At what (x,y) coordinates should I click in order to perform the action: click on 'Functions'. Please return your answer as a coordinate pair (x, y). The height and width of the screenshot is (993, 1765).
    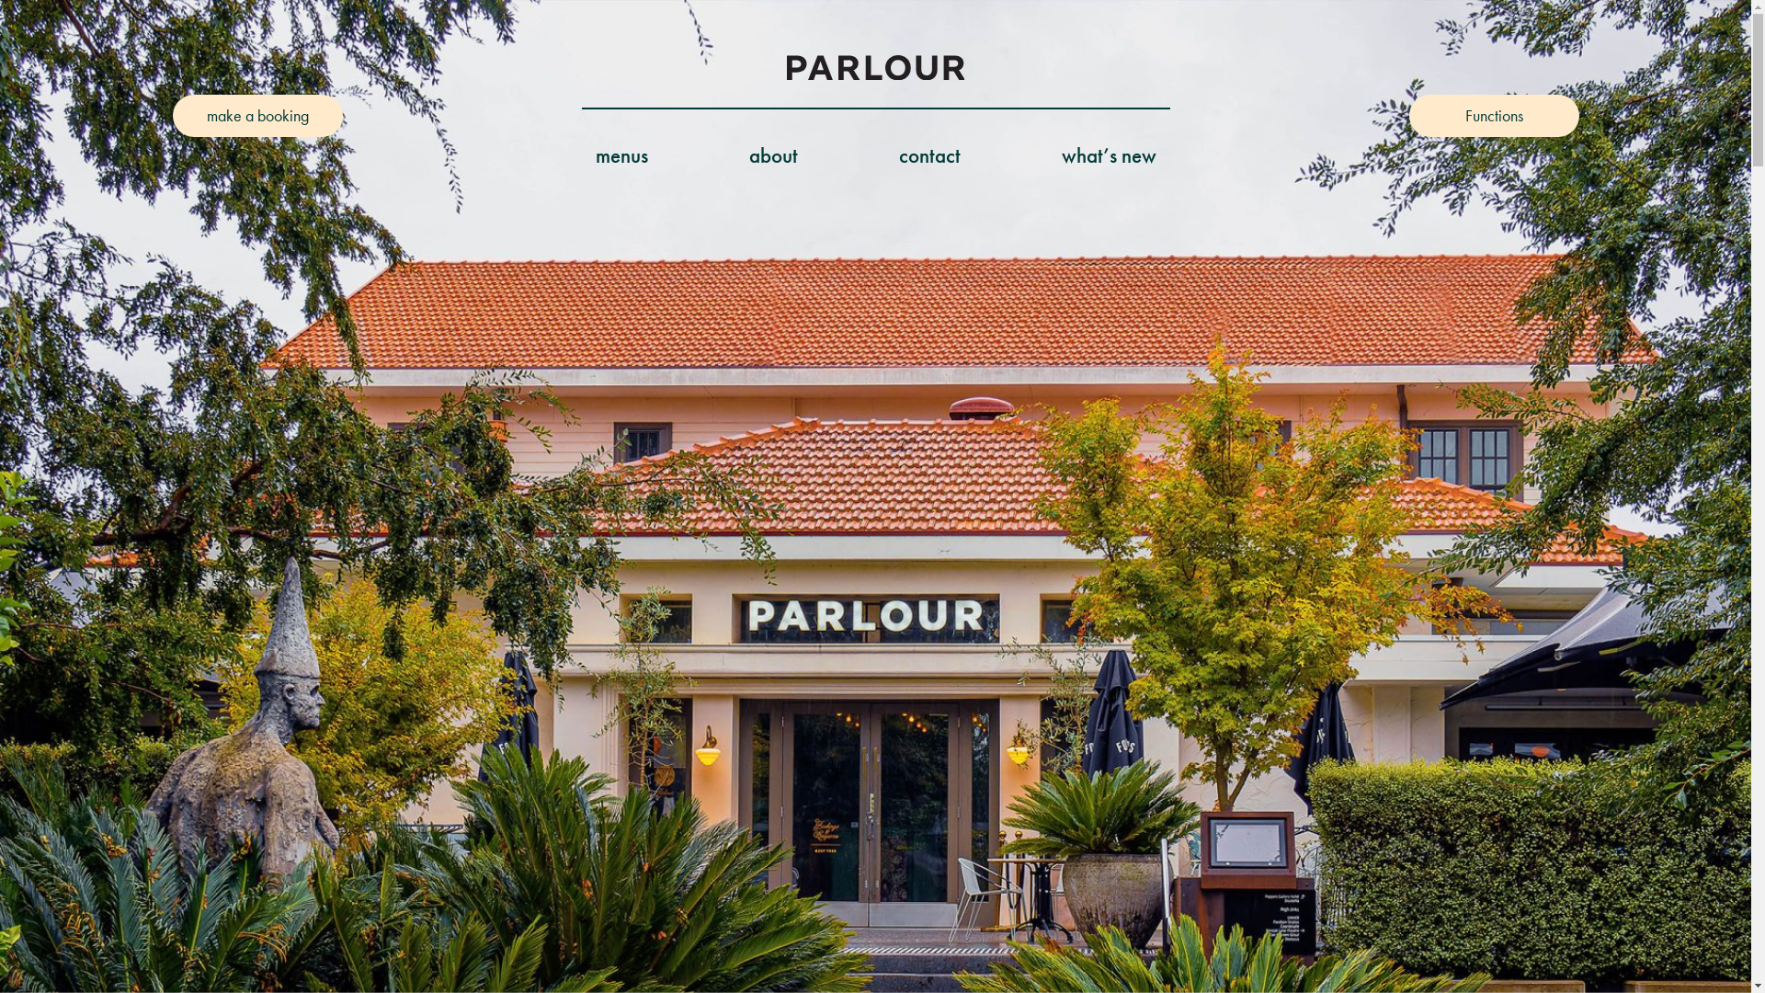
    Looking at the image, I should click on (1493, 116).